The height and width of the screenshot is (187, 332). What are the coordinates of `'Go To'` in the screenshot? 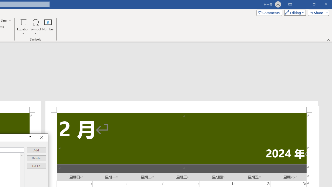 It's located at (36, 166).